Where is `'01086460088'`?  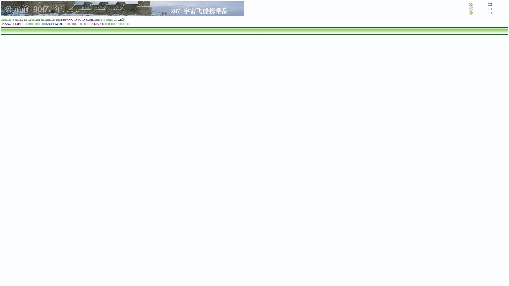 '01086460088' is located at coordinates (96, 23).